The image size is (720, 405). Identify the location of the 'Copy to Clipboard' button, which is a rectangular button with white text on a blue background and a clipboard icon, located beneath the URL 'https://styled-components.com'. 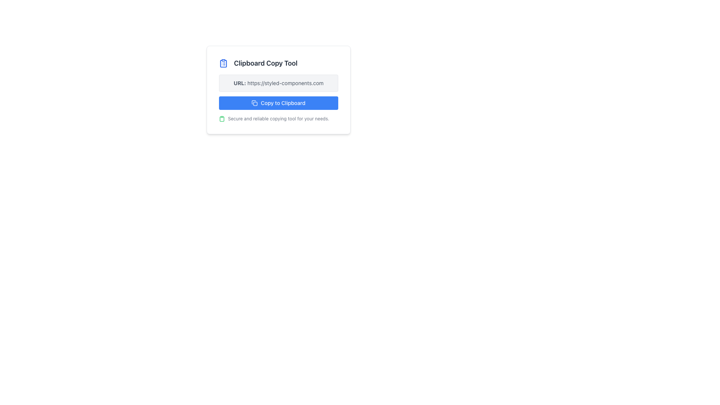
(278, 103).